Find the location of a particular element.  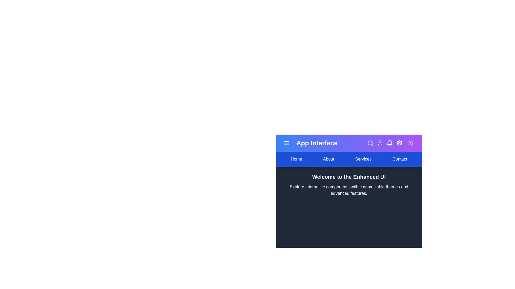

the navigation link labeled Contact is located at coordinates (399, 159).